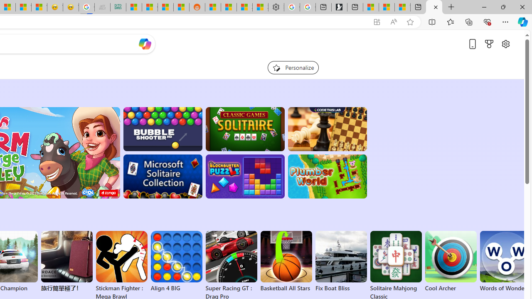  I want to click on 'Words of Wonders', so click(505, 262).